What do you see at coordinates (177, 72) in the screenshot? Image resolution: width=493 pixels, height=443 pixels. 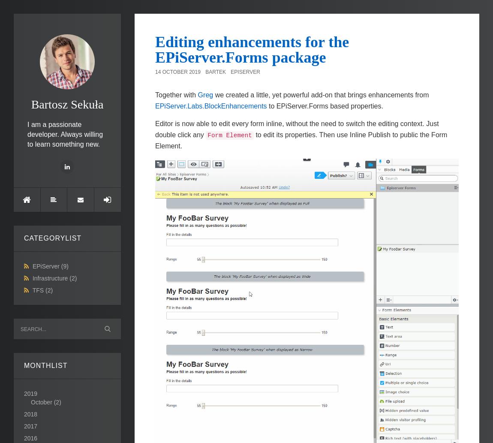 I see `'14 October 2019'` at bounding box center [177, 72].